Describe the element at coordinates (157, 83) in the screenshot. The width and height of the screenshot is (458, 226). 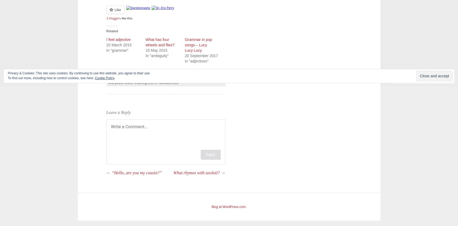
I see `'teaching ESL in Australia 2016-'` at that location.